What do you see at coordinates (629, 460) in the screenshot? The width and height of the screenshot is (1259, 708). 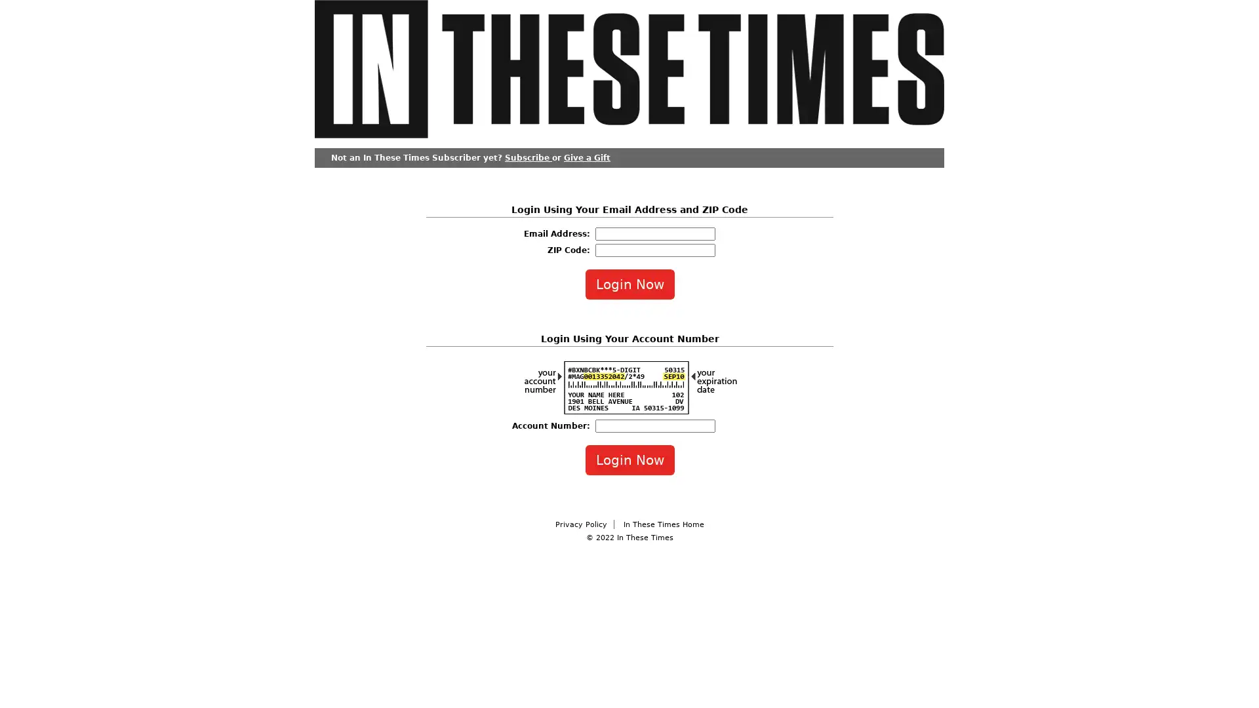 I see `Login Now` at bounding box center [629, 460].